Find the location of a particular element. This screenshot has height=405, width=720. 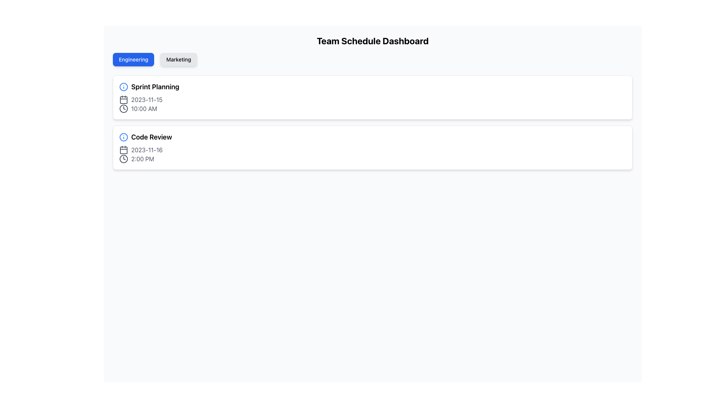

the clock icon located to the left of the text '10:00 AM', which indicates the time for the 'Sprint Planning' event is located at coordinates (124, 108).